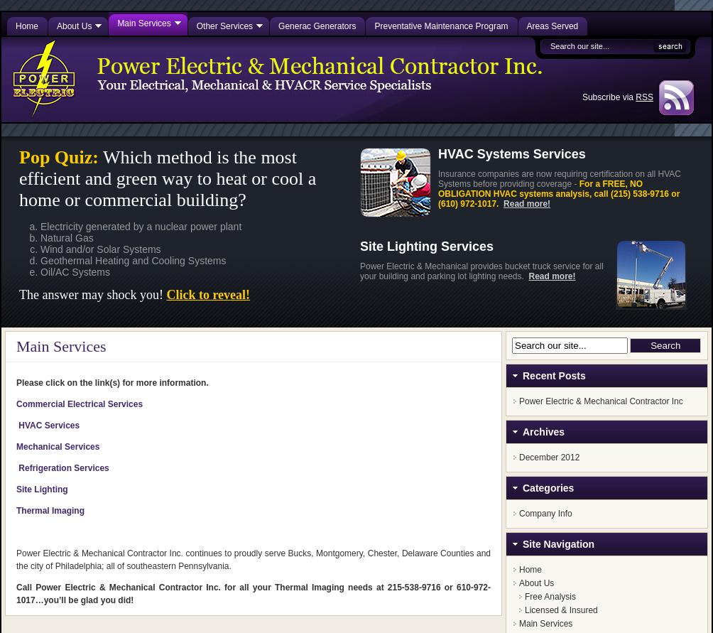 The height and width of the screenshot is (633, 713). Describe the element at coordinates (16, 404) in the screenshot. I see `'Commercial Electrical Services'` at that location.